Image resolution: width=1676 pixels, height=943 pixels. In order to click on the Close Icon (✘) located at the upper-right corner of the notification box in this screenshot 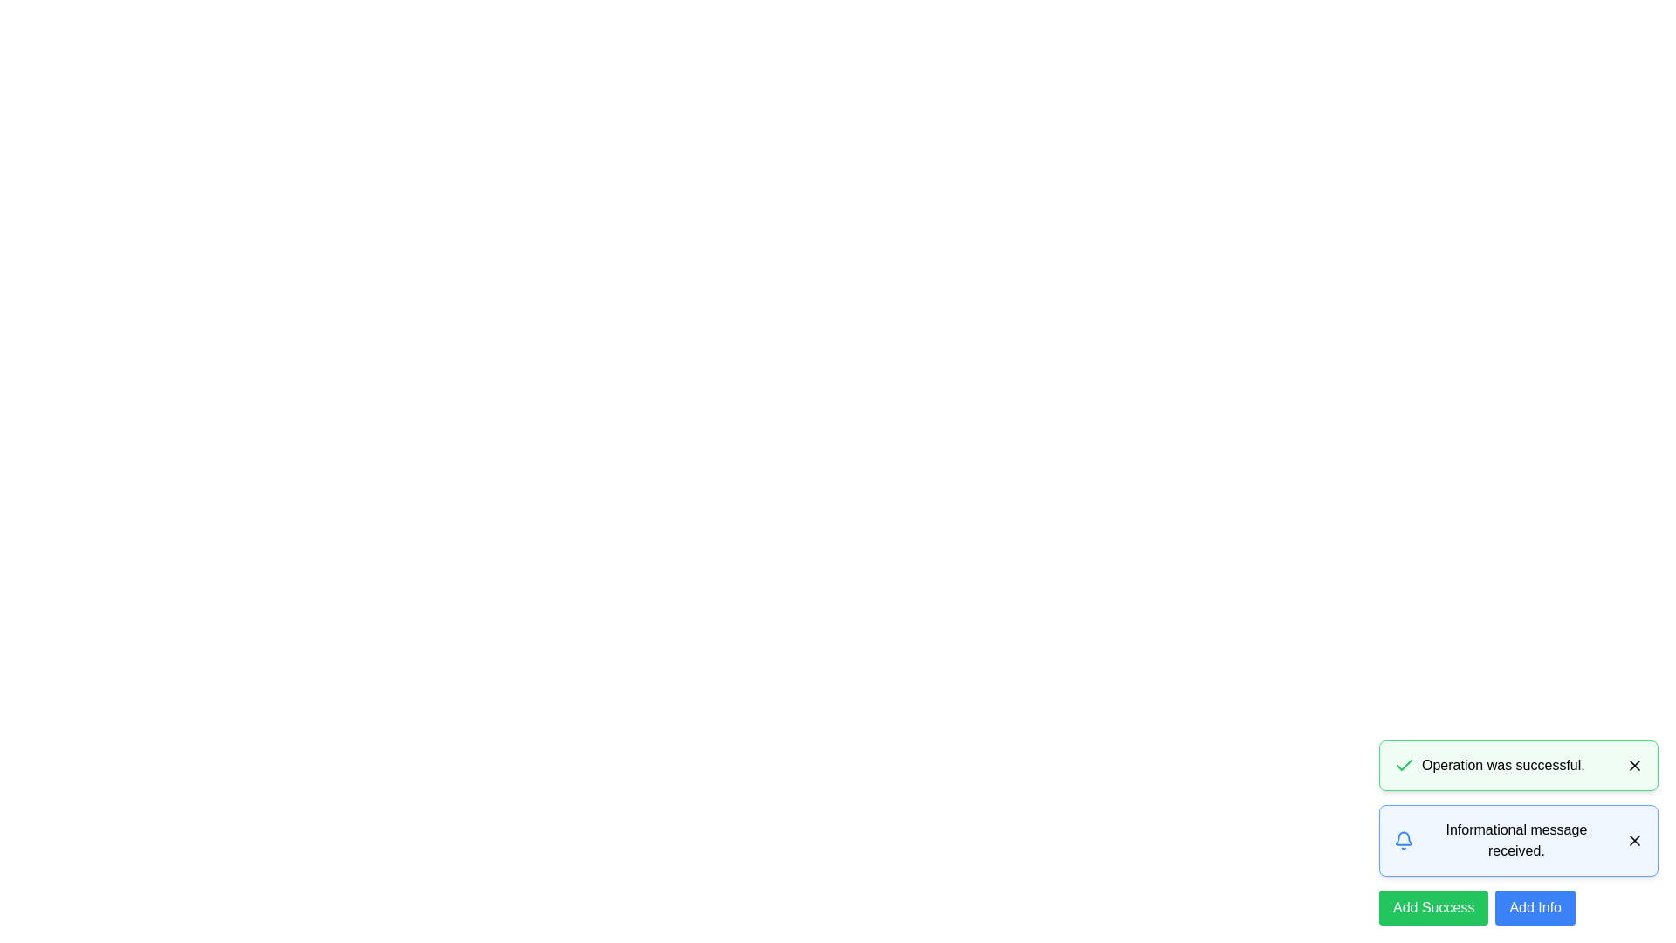, I will do `click(1633, 840)`.